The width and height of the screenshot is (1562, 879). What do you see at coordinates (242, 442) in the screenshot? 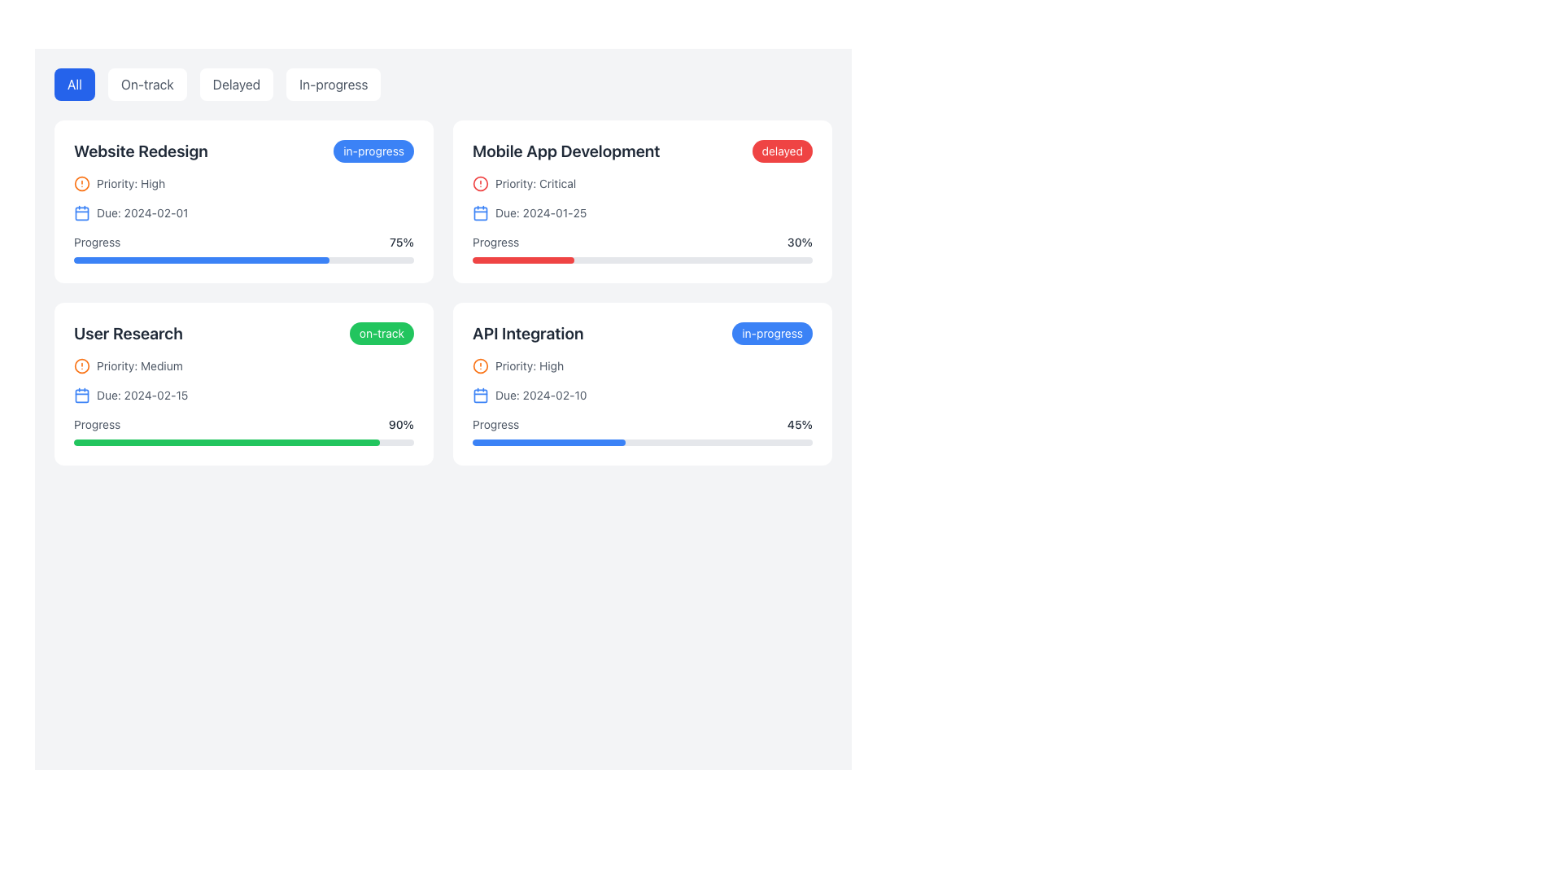
I see `the progress bar in the 'User Research' section, which has a light gray background and a green section representing 90% progress` at bounding box center [242, 442].